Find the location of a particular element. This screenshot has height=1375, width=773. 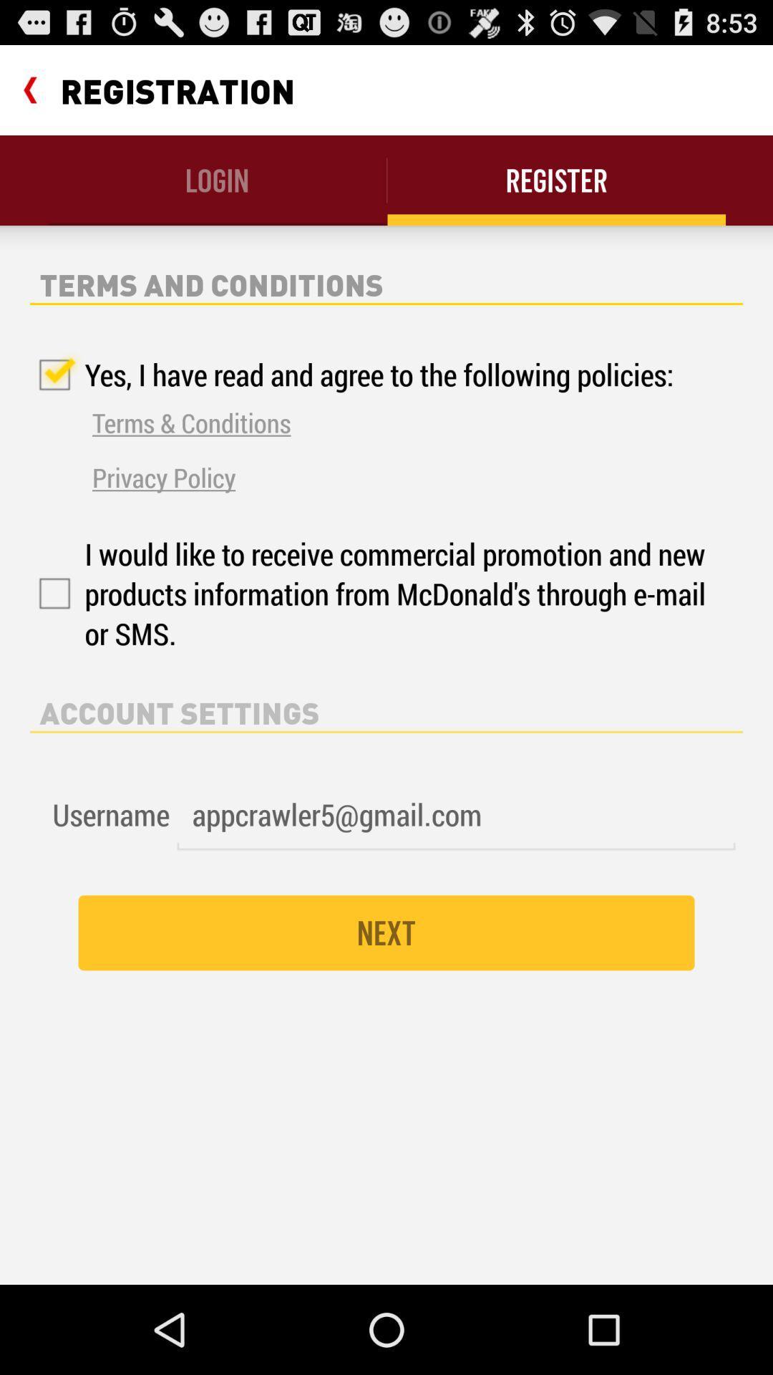

item to the right of the username item is located at coordinates (456, 815).